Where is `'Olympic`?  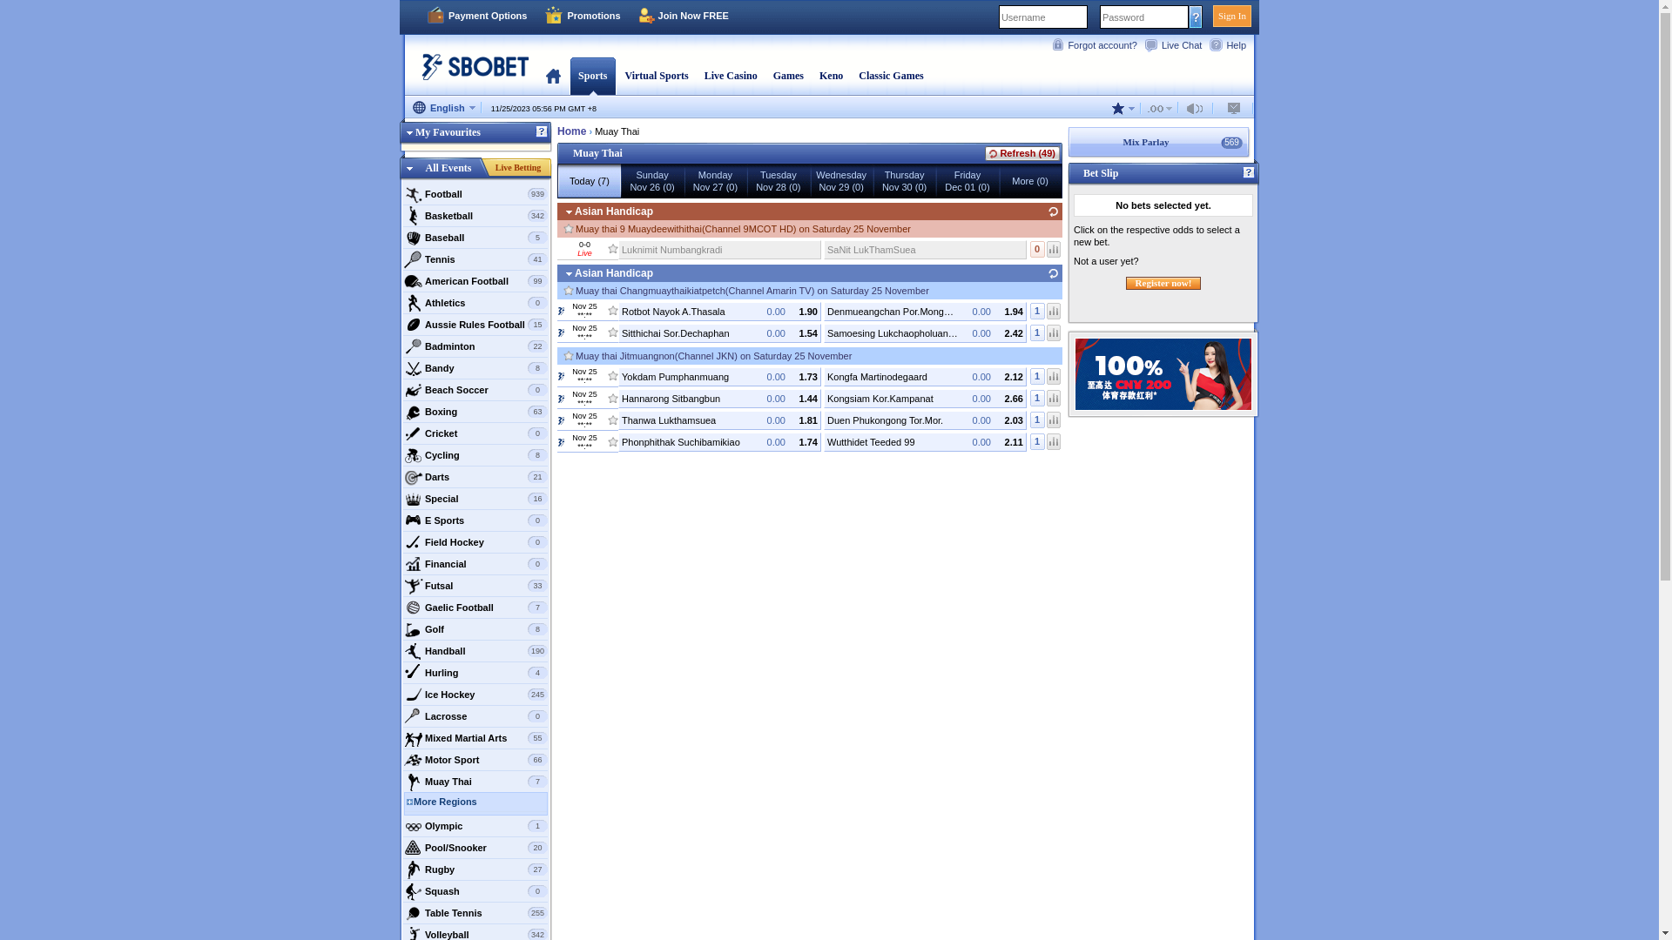 'Olympic is located at coordinates (401, 824).